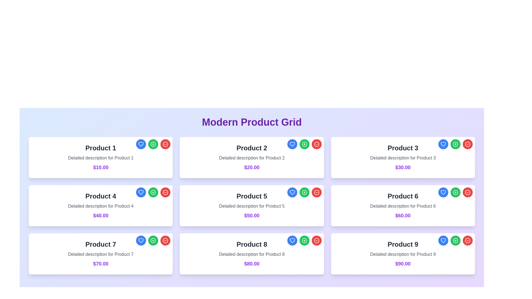  Describe the element at coordinates (141, 240) in the screenshot. I see `the 'like' or 'favorite' button located in the top-right corner of the 'Product 7' card` at that location.